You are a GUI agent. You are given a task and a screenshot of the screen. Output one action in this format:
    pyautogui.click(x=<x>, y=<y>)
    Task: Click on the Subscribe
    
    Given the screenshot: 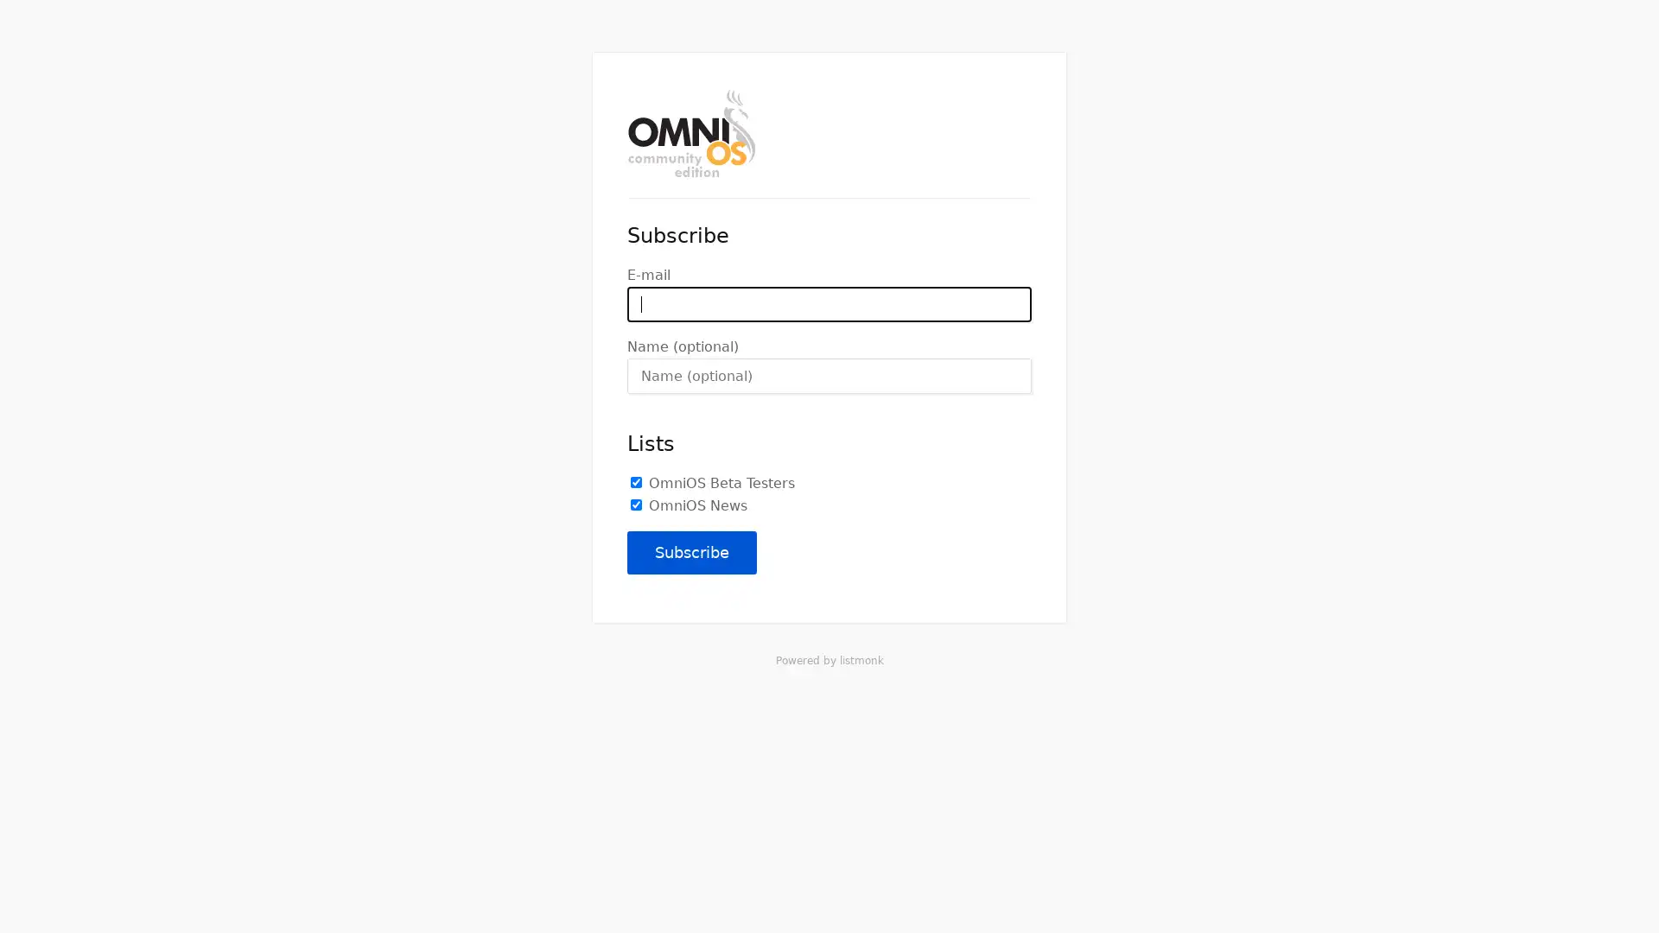 What is the action you would take?
    pyautogui.click(x=692, y=552)
    